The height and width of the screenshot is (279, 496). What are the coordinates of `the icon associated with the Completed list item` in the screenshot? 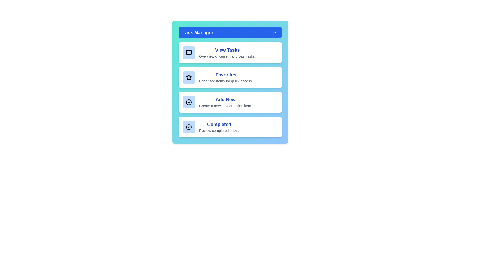 It's located at (188, 127).